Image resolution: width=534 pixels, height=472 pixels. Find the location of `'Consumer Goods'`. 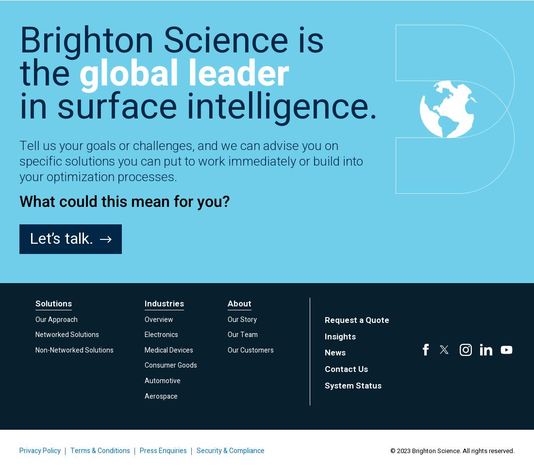

'Consumer Goods' is located at coordinates (170, 365).